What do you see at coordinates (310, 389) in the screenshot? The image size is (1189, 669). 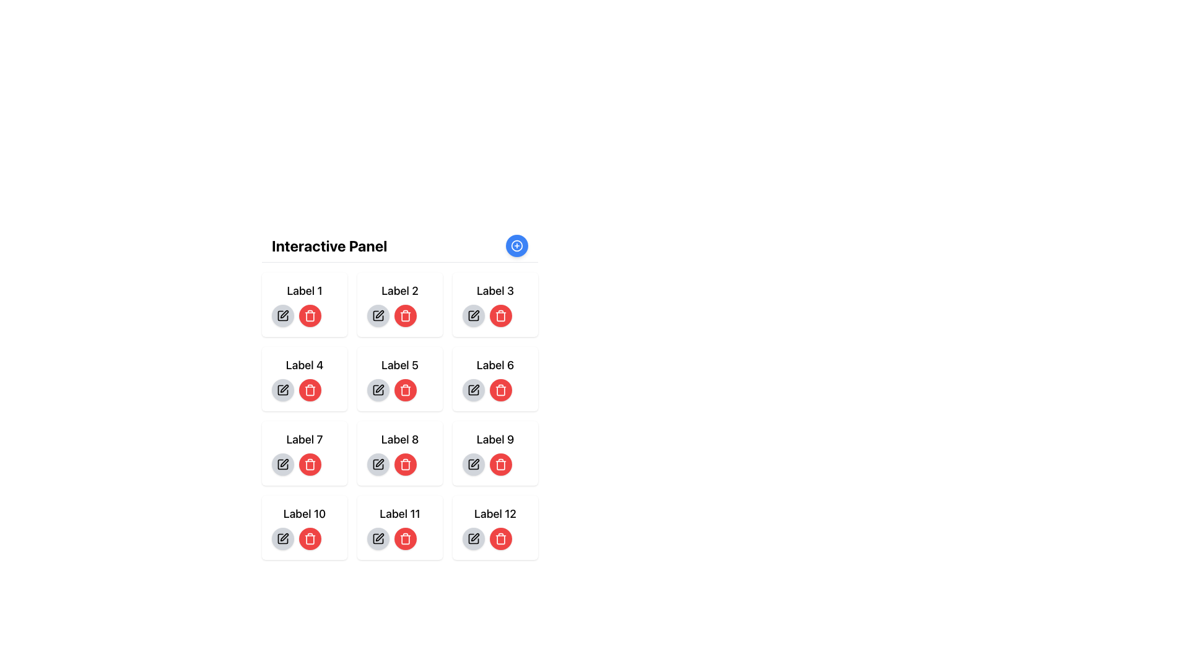 I see `the second button in the horizontal pair within the card labeled 'Label 4' located in the fourth row of the grid layout` at bounding box center [310, 389].